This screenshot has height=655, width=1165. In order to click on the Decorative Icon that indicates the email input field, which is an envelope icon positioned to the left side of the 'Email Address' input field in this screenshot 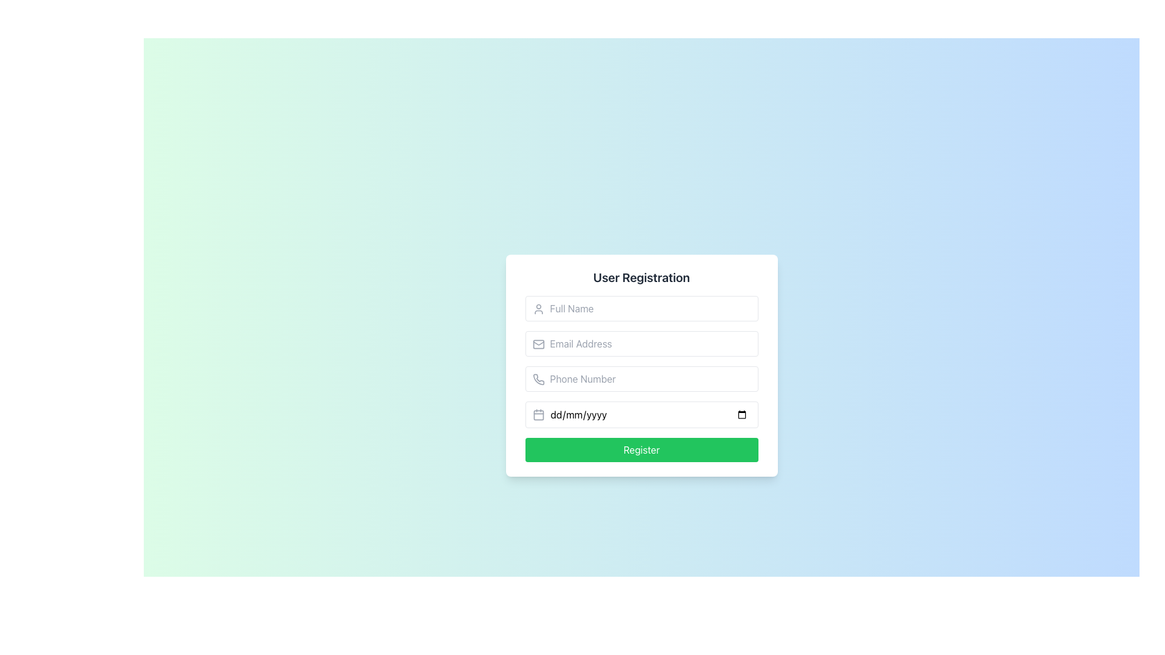, I will do `click(538, 344)`.